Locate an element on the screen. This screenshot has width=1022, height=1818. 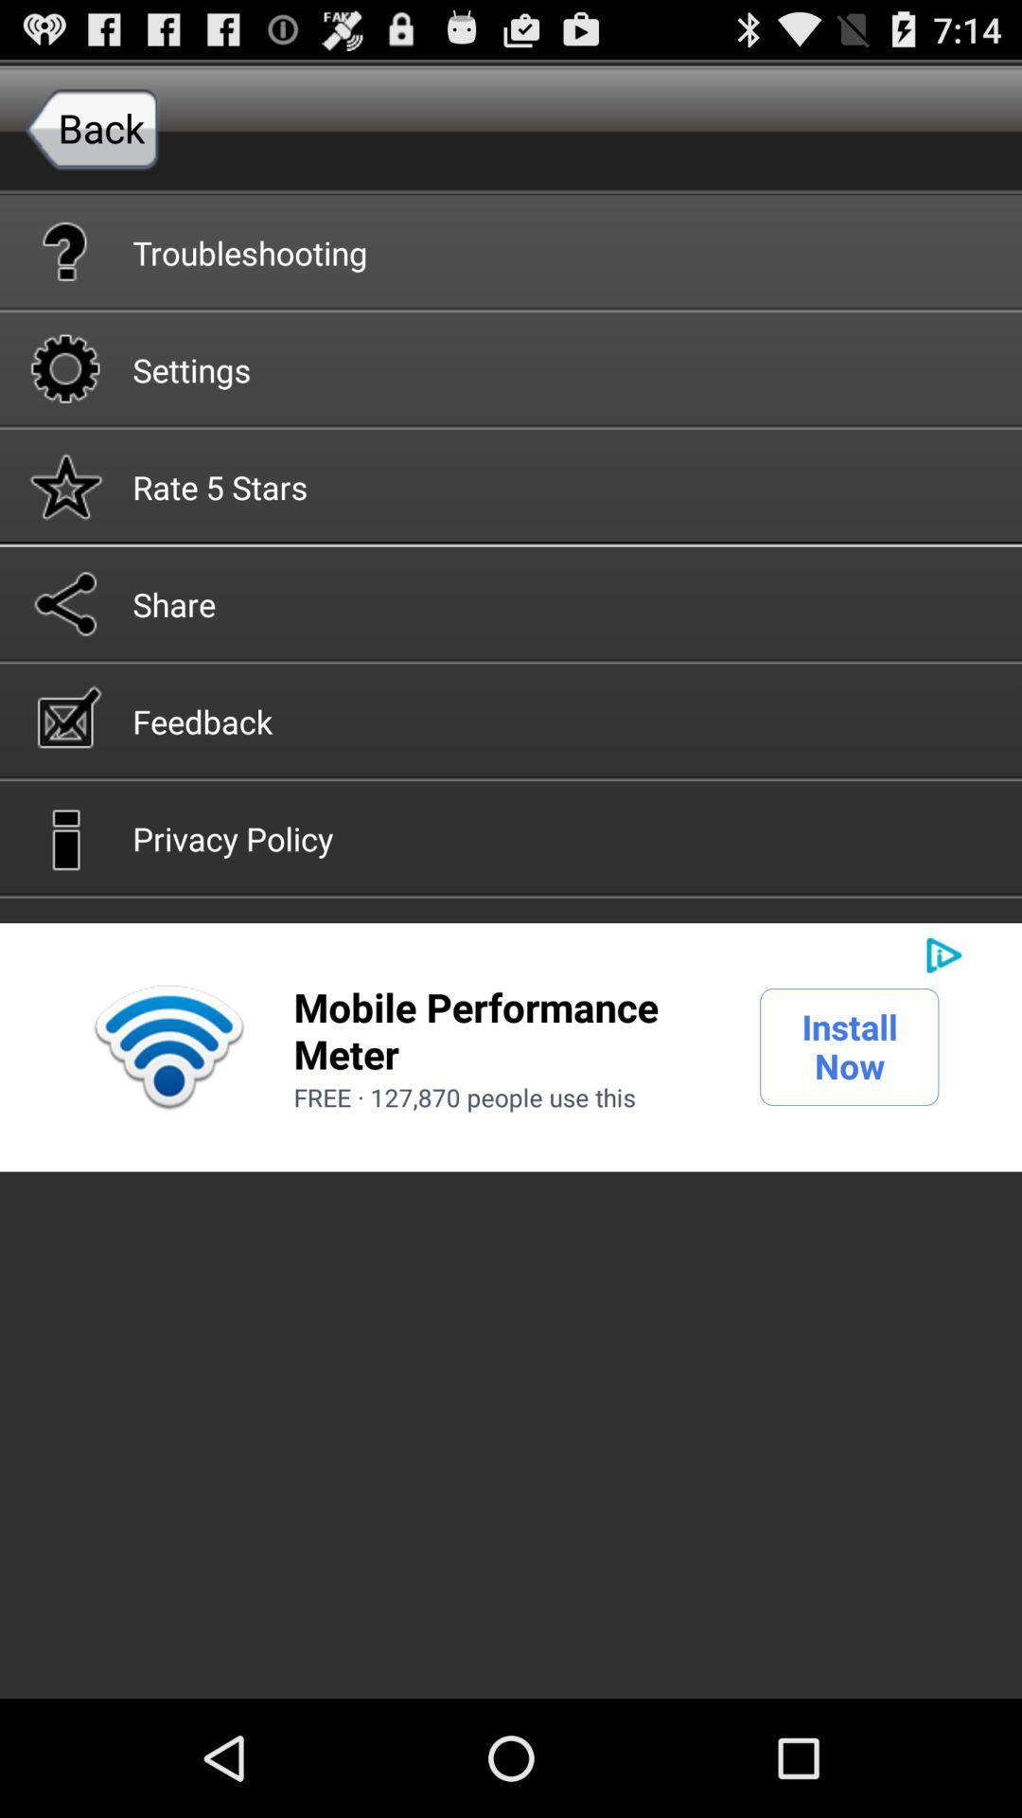
the rate 5 stars icon is located at coordinates (511, 486).